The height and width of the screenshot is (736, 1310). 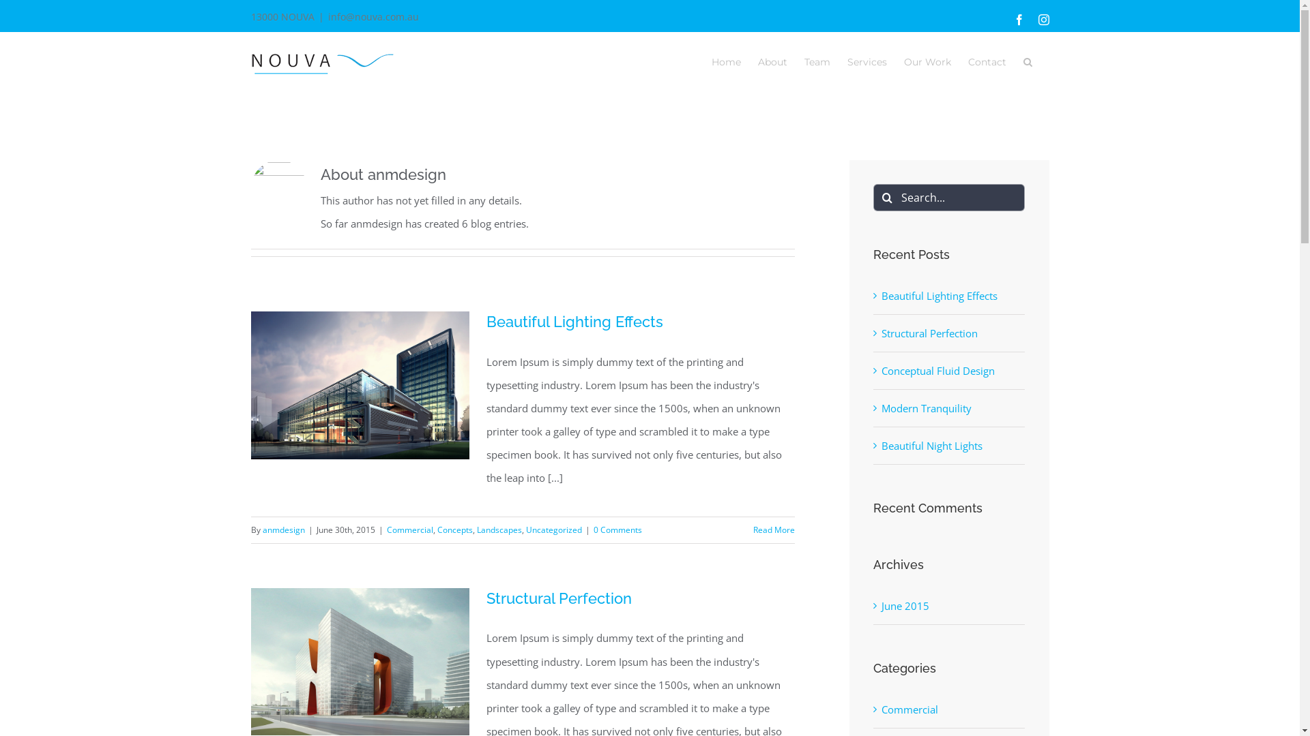 I want to click on 'Services', so click(x=867, y=60).